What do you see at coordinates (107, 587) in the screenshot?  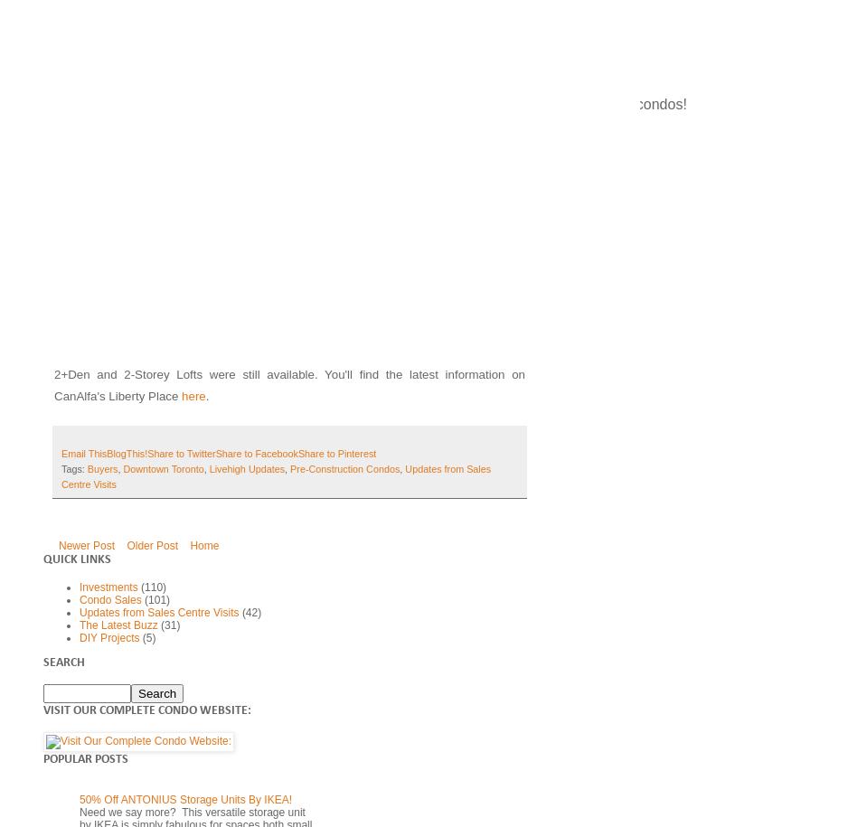 I see `'Investments'` at bounding box center [107, 587].